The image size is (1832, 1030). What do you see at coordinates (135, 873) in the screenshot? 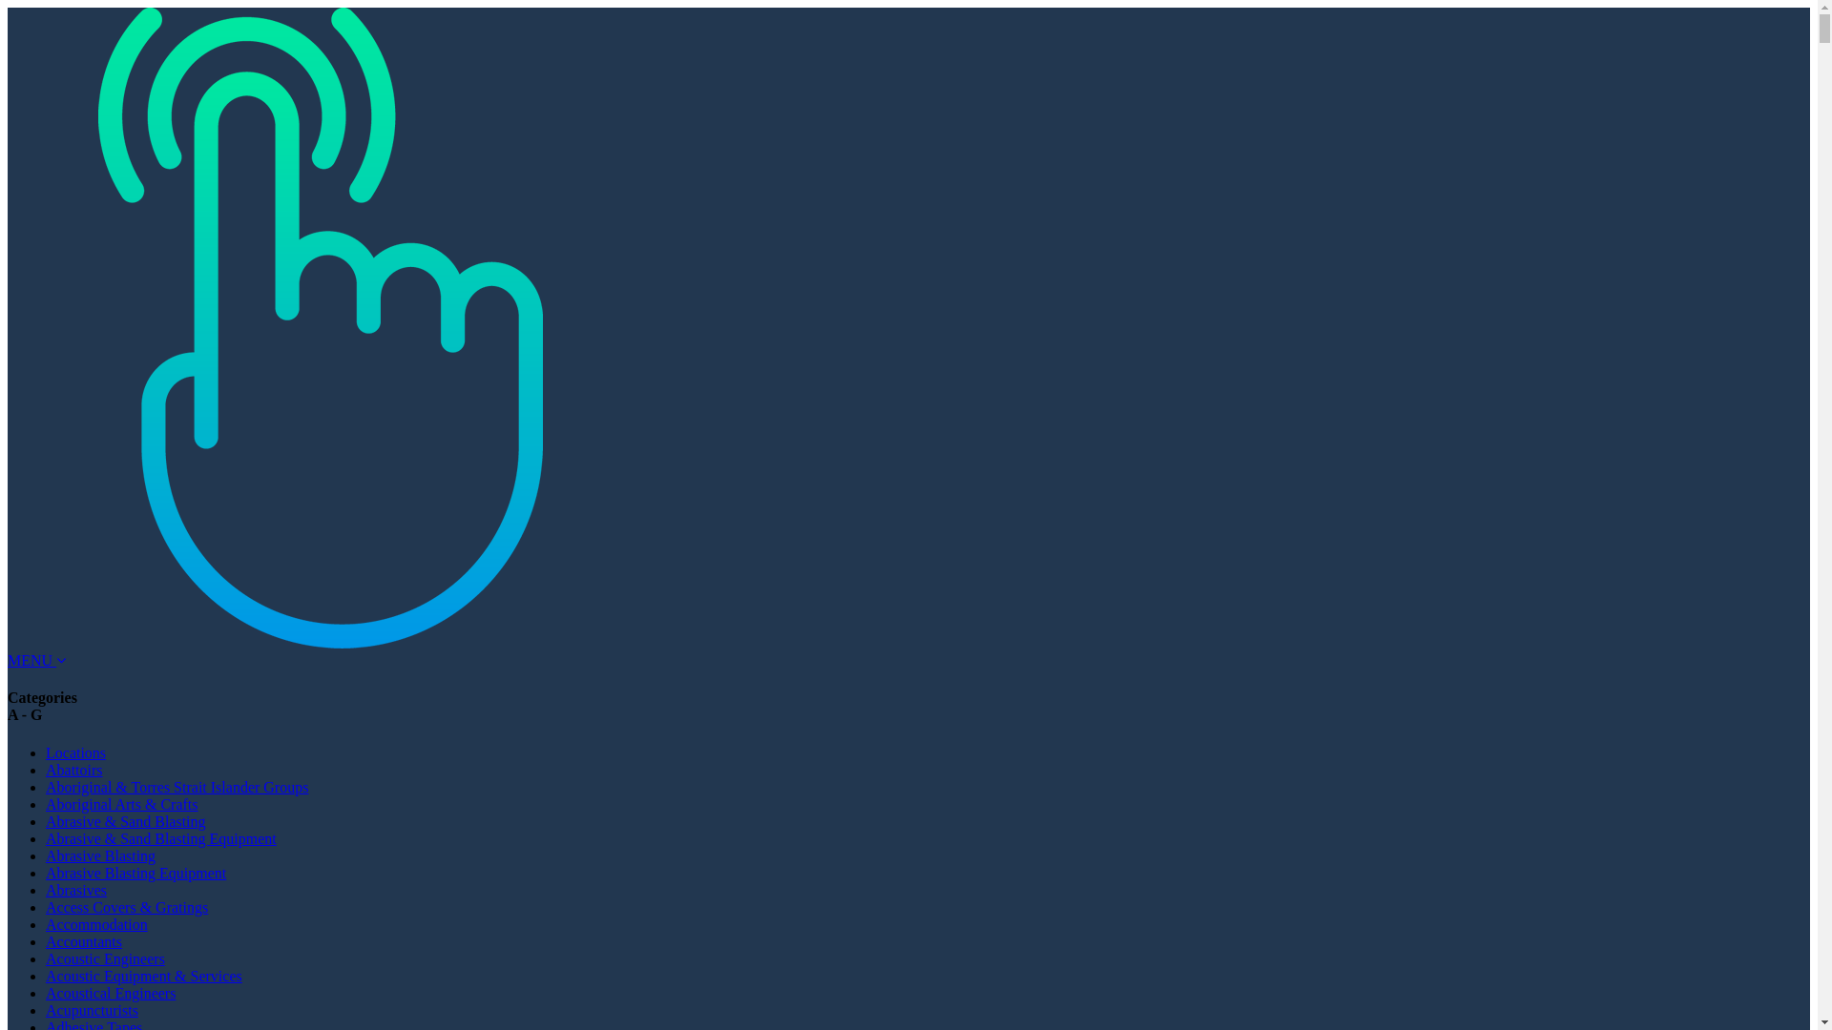
I see `'Abrasive Blasting Equipment'` at bounding box center [135, 873].